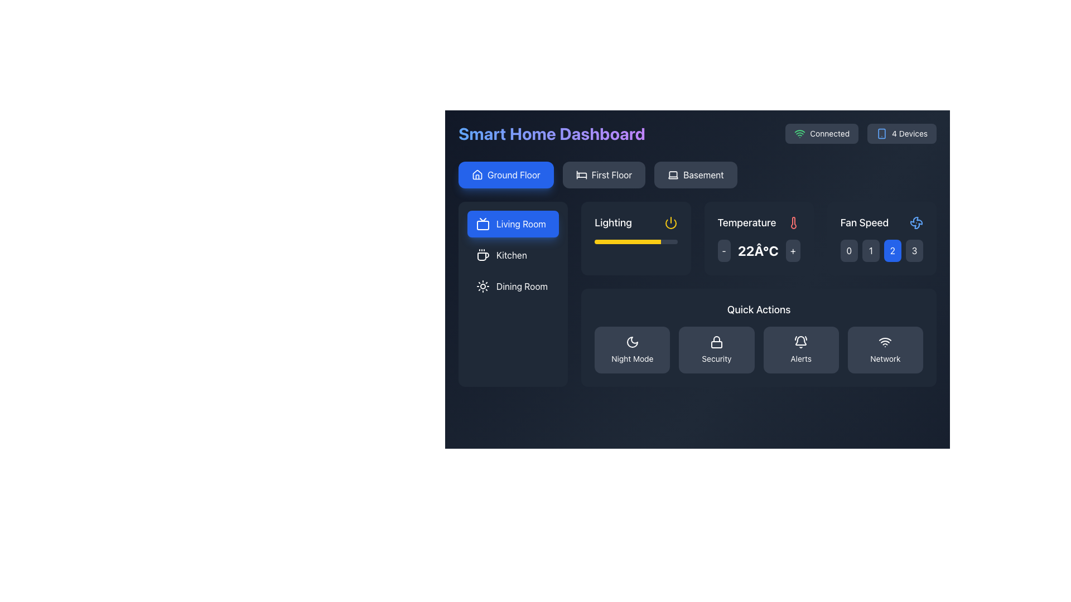 The image size is (1071, 602). I want to click on the house-shaped icon rendered using an SVG graphic located in the 'Ground Floor' button in the navigation bar, so click(477, 174).